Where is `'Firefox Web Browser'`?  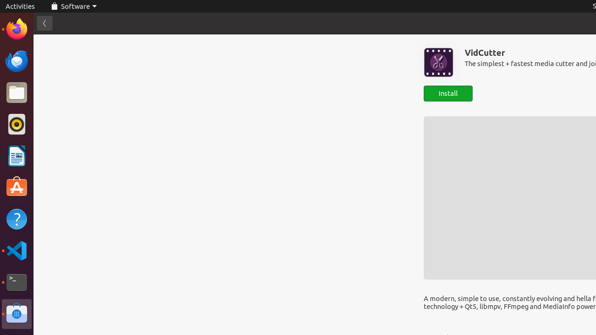 'Firefox Web Browser' is located at coordinates (16, 28).